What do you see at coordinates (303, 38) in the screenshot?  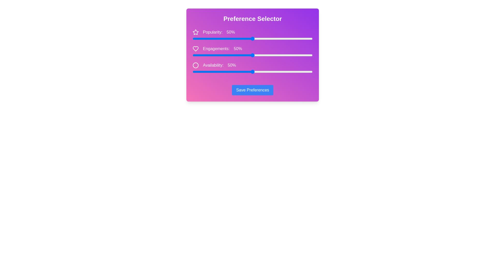 I see `the 'Popularity' slider to 92%` at bounding box center [303, 38].